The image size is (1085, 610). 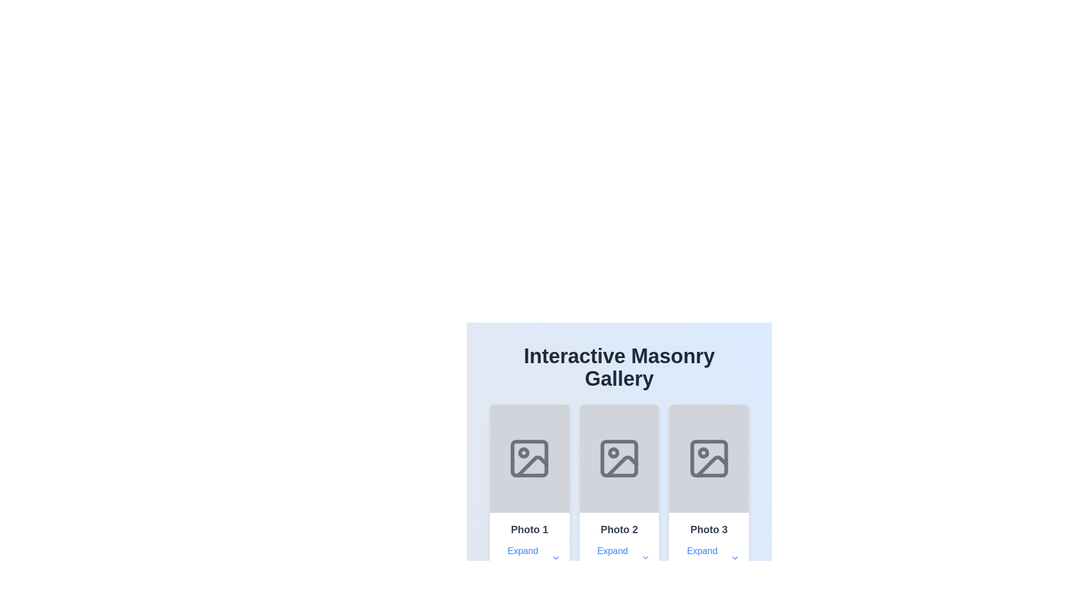 I want to click on the interactive link labeled 'Expand Details' located in the Text section at the bottom of the first card on the left, so click(x=529, y=546).